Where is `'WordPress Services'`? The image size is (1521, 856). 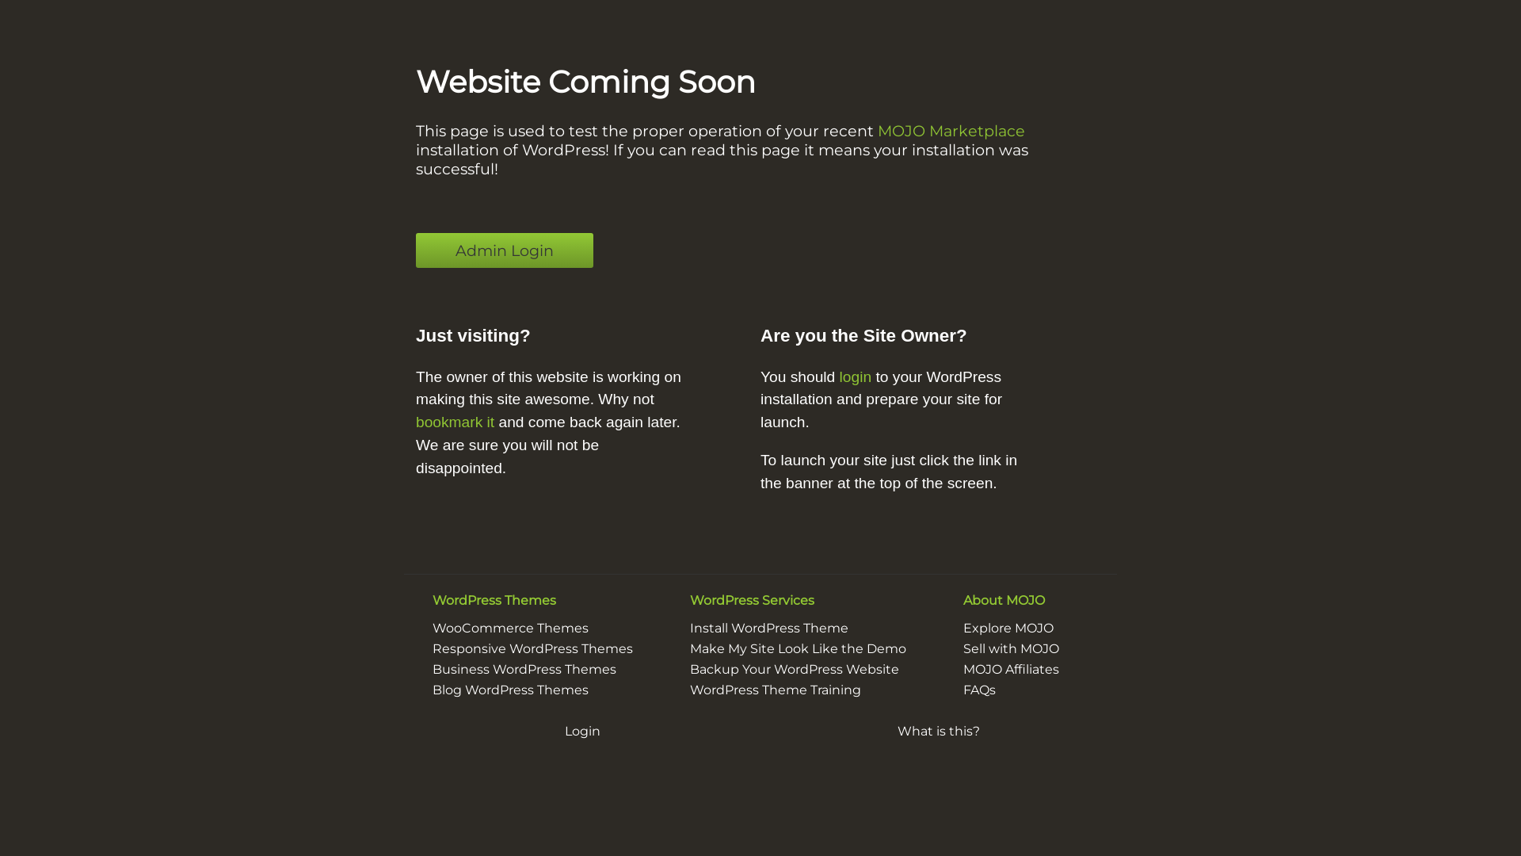
'WordPress Services' is located at coordinates (689, 600).